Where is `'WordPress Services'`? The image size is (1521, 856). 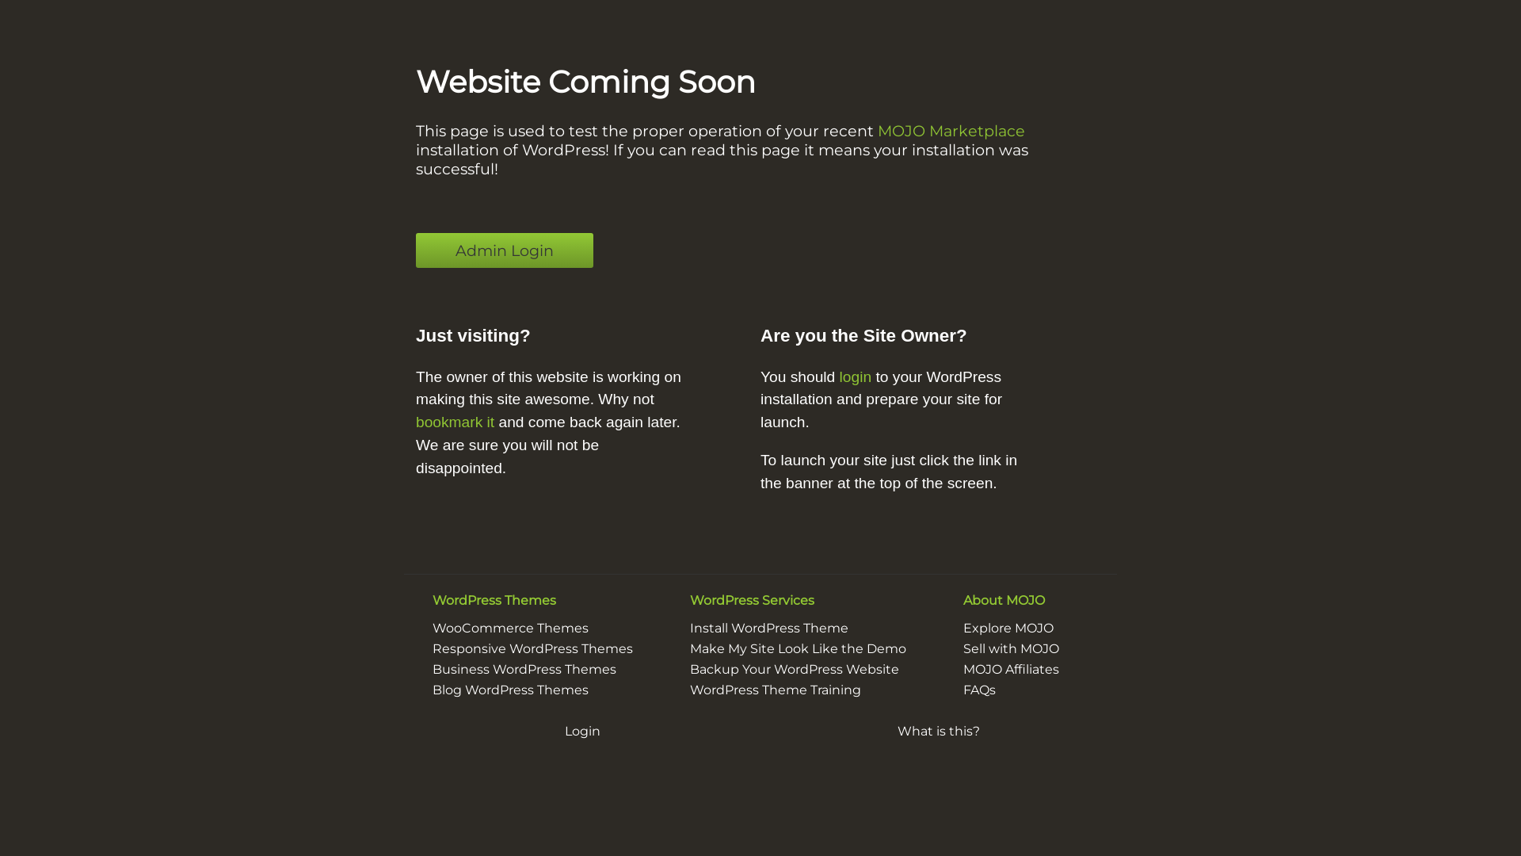
'WordPress Services' is located at coordinates (689, 600).